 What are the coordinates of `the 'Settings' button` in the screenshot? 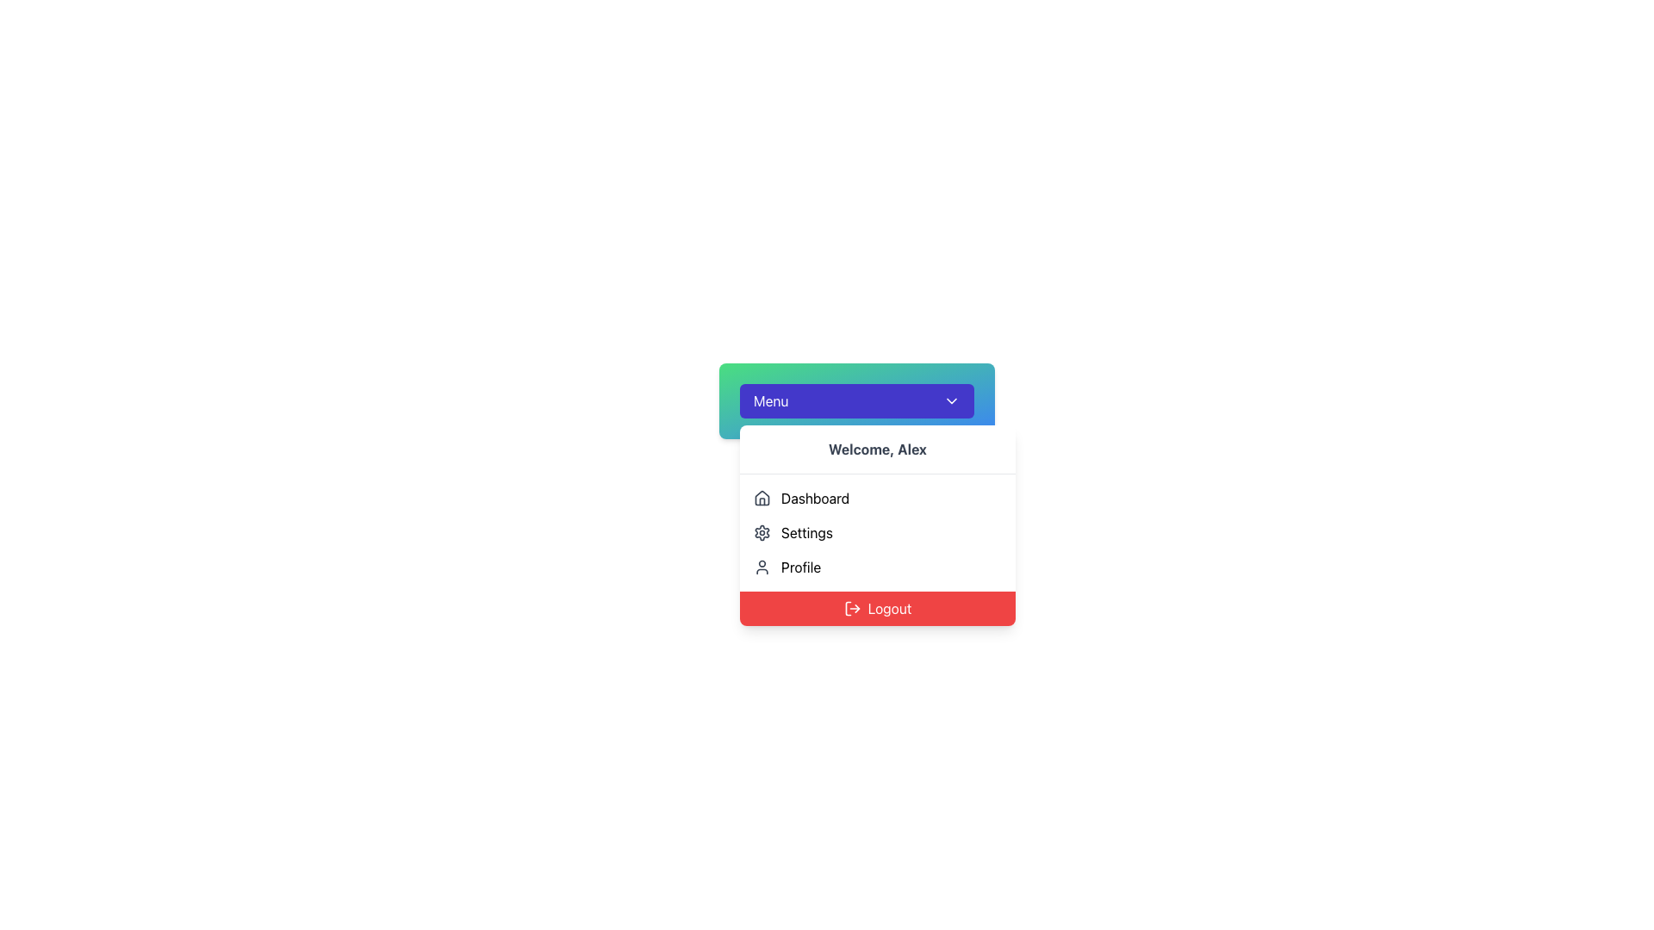 It's located at (877, 531).